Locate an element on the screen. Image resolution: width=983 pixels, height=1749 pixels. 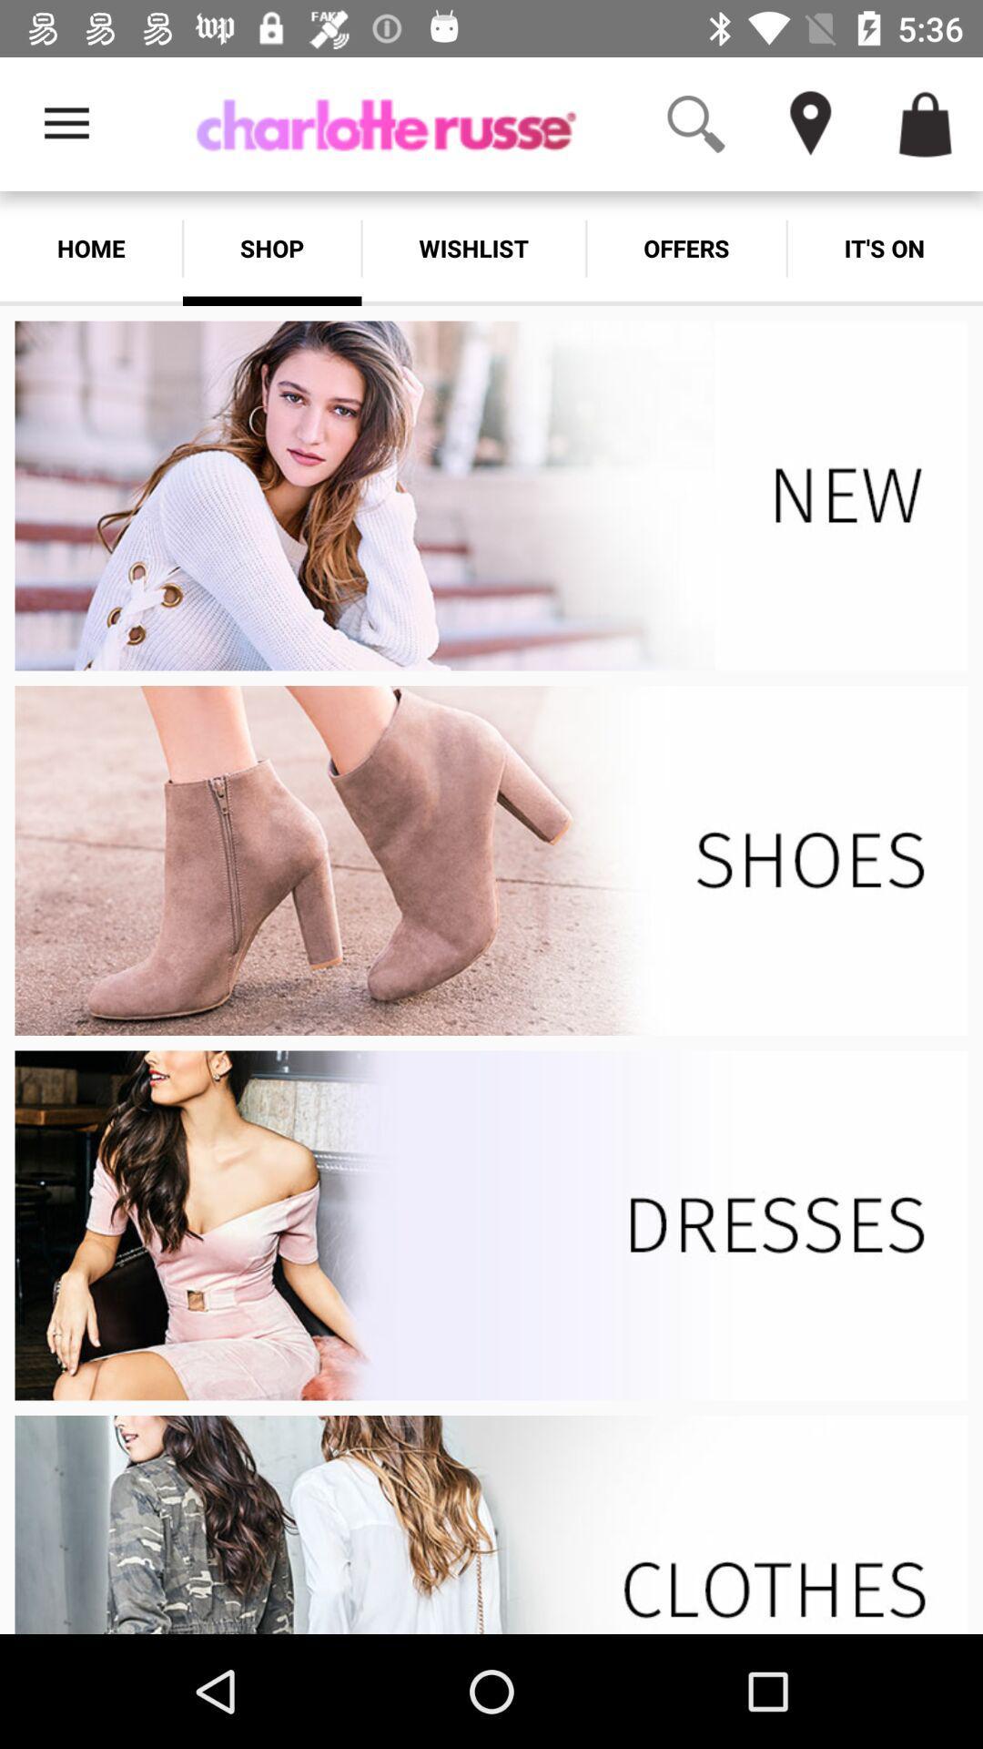
shop option which is below the charlotte russe is located at coordinates (272, 248).